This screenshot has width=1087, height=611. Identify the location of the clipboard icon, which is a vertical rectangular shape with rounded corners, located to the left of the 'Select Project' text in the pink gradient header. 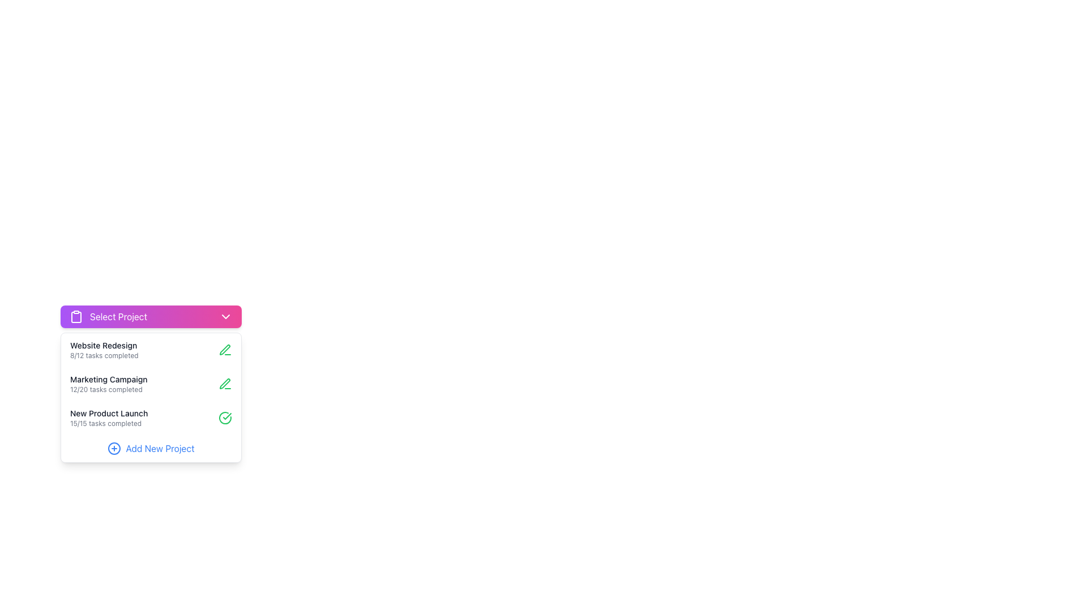
(75, 317).